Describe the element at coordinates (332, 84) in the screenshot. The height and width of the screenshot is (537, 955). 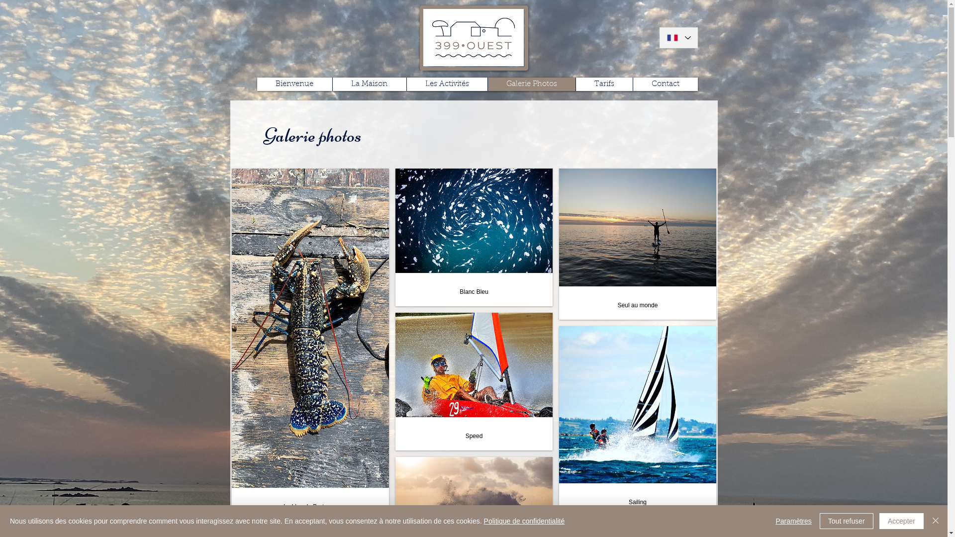
I see `'La Maison'` at that location.